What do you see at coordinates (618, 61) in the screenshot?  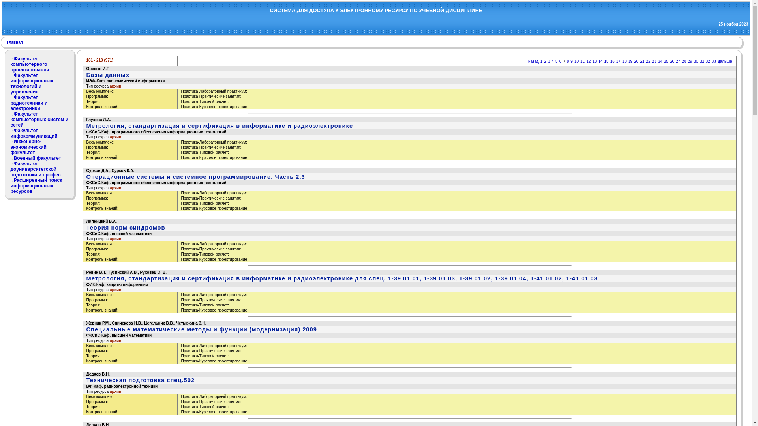 I see `'17'` at bounding box center [618, 61].